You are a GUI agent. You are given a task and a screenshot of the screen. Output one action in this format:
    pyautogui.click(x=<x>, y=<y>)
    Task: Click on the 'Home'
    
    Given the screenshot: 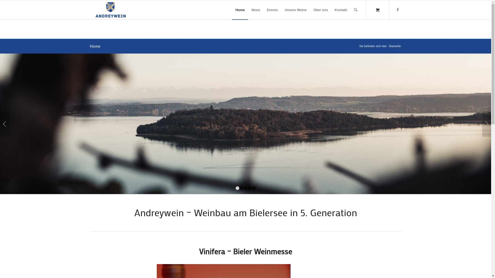 What is the action you would take?
    pyautogui.click(x=240, y=10)
    